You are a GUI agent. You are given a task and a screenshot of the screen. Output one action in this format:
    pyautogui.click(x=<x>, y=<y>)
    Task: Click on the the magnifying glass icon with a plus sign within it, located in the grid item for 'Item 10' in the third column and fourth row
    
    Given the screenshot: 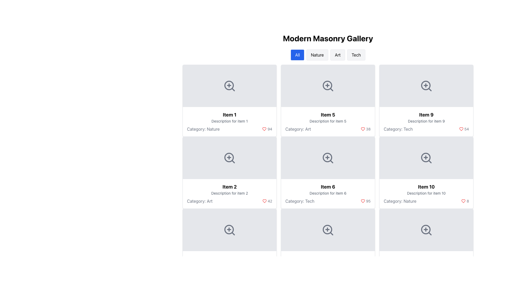 What is the action you would take?
    pyautogui.click(x=426, y=230)
    